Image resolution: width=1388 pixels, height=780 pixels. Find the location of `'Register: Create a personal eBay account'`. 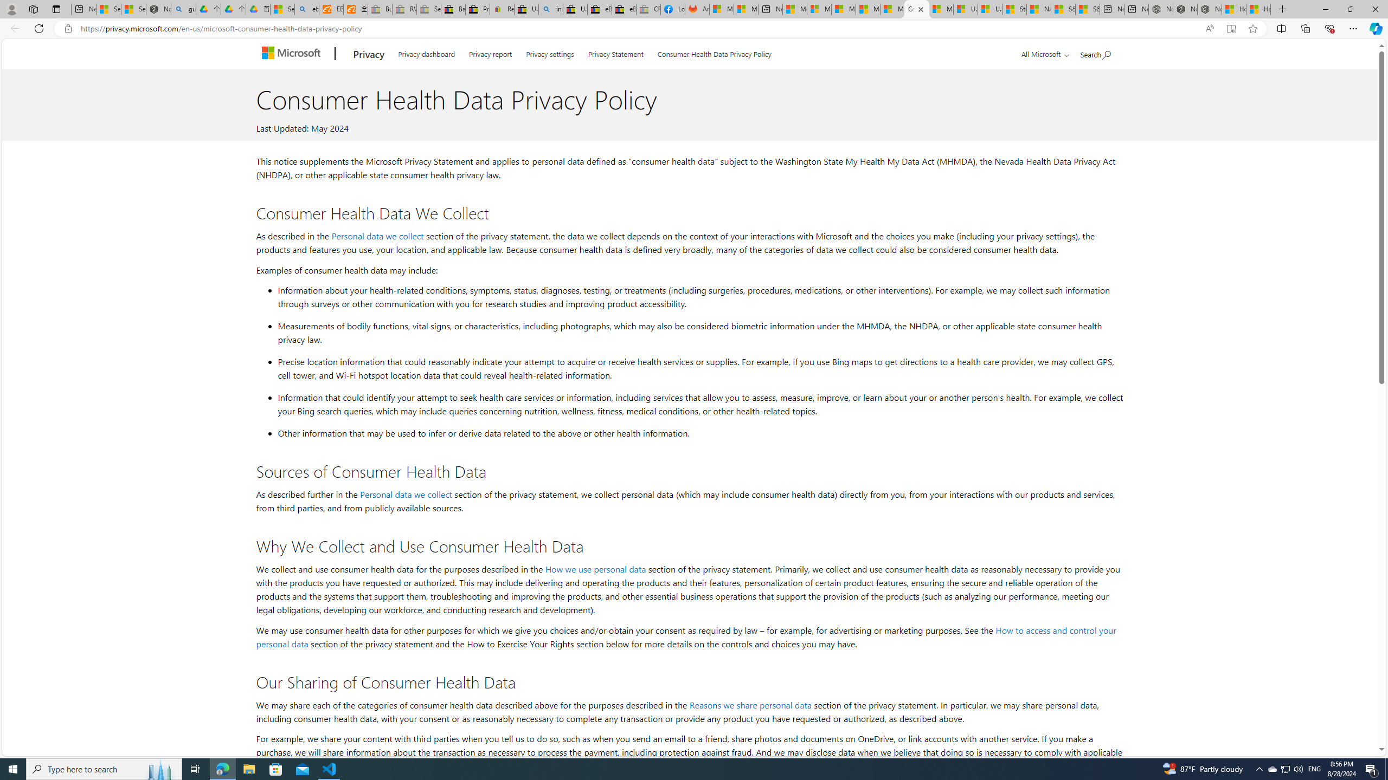

'Register: Create a personal eBay account' is located at coordinates (502, 9).